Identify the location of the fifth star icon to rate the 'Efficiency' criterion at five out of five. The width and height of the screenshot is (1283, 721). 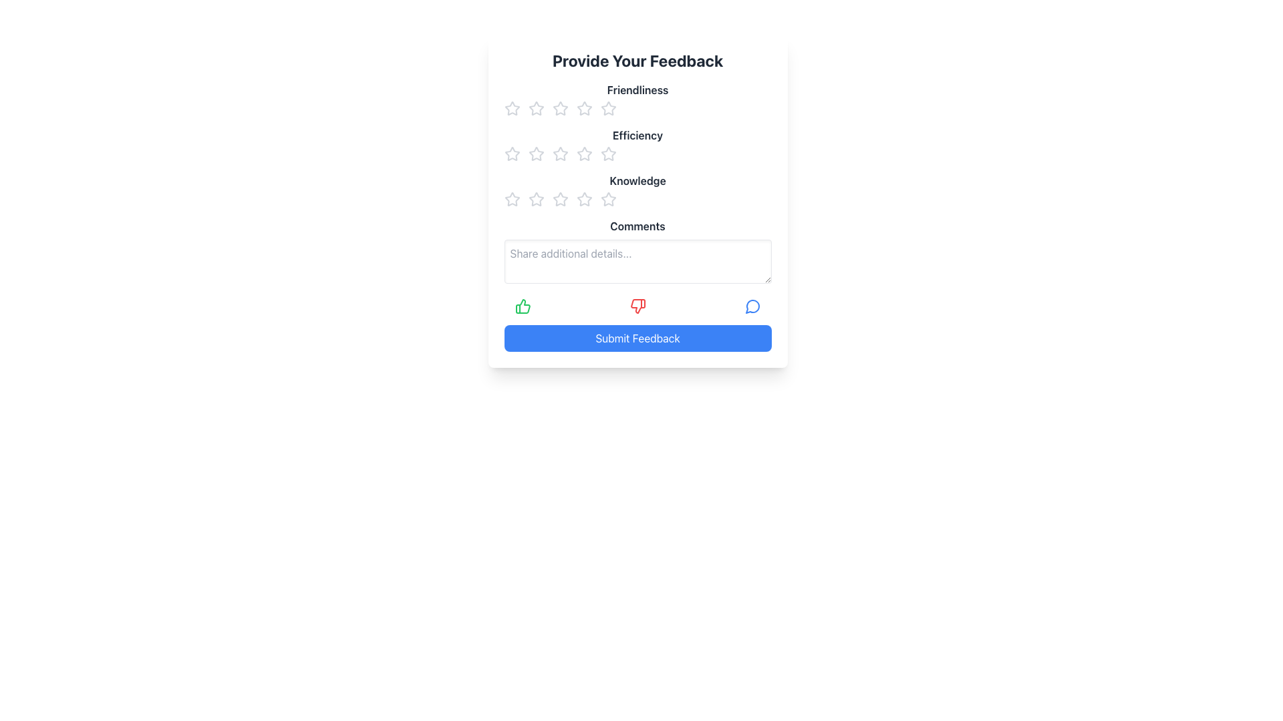
(607, 154).